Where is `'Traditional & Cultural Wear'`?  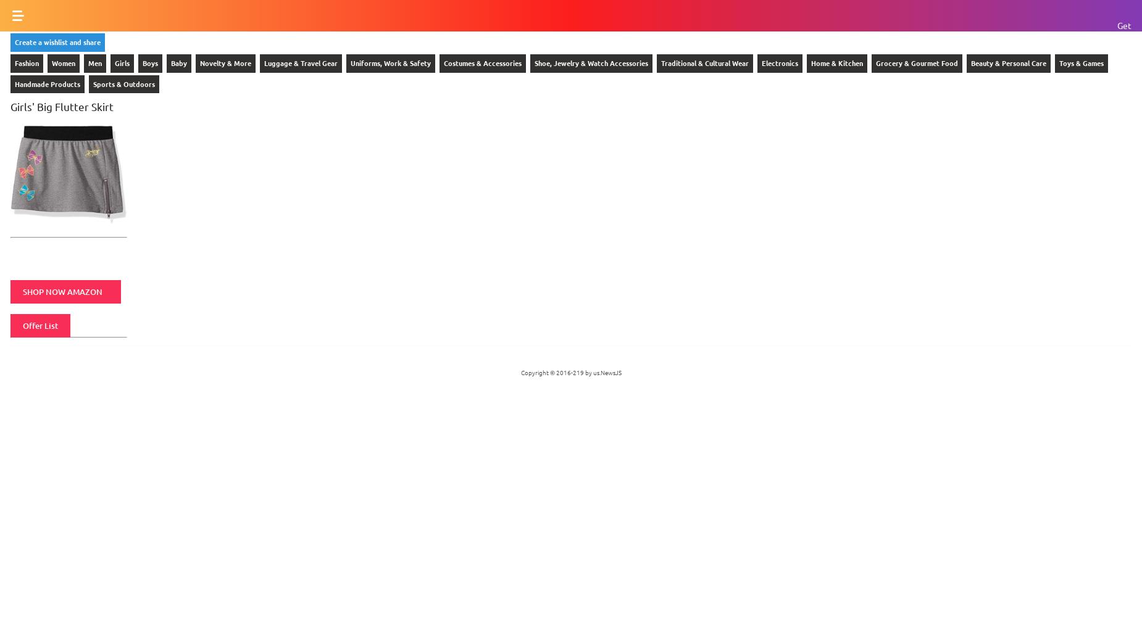
'Traditional & Cultural Wear' is located at coordinates (660, 62).